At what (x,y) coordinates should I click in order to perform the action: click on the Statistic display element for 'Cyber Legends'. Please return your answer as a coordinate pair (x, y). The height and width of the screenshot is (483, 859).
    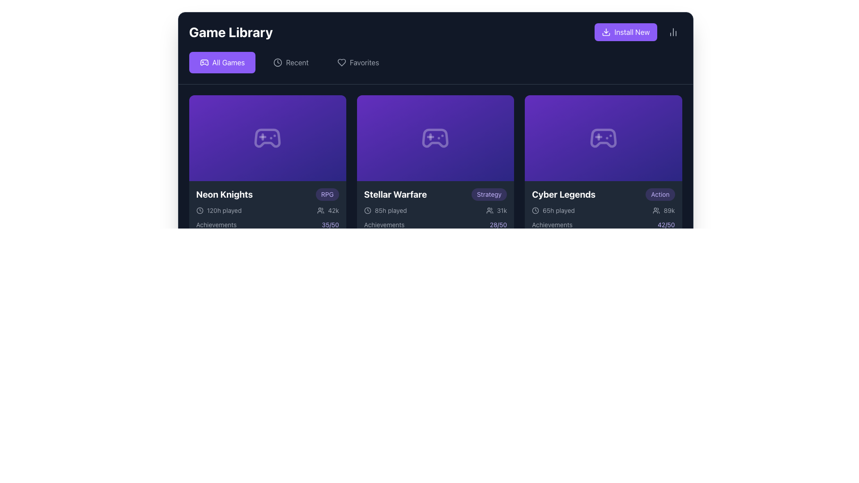
    Looking at the image, I should click on (663, 210).